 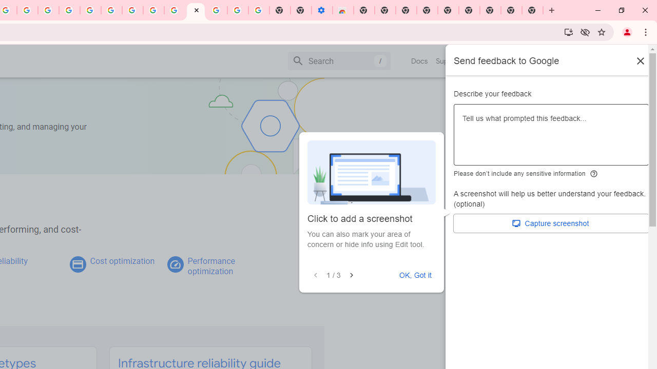 I want to click on 'Browse the Google Chrome Community - Google Chrome Community', so click(x=175, y=10).